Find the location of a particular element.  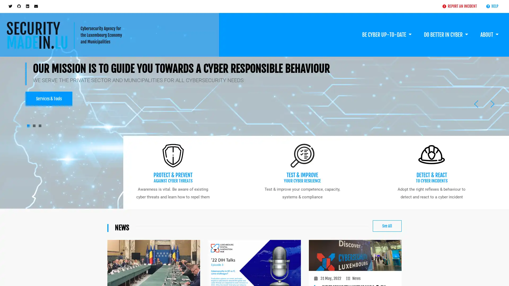

ABOUT is located at coordinates (489, 29).